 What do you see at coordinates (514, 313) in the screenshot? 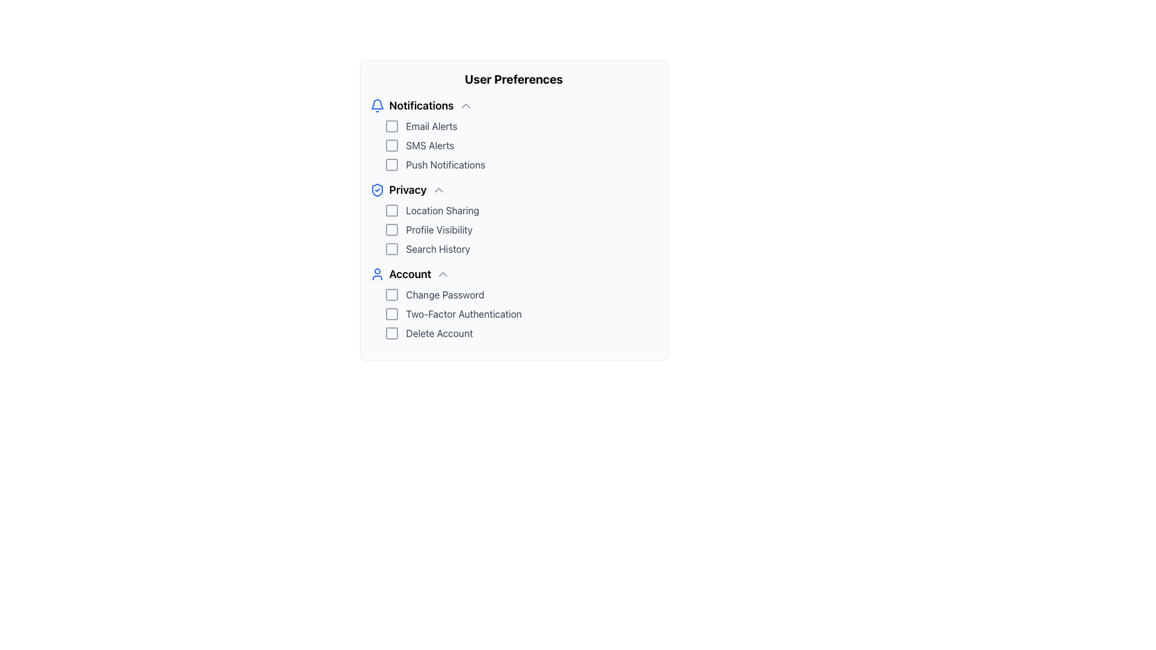
I see `contents of the vertical list located in the lower portion of the 'User Preferences' panel, underneath the 'Account' header` at bounding box center [514, 313].